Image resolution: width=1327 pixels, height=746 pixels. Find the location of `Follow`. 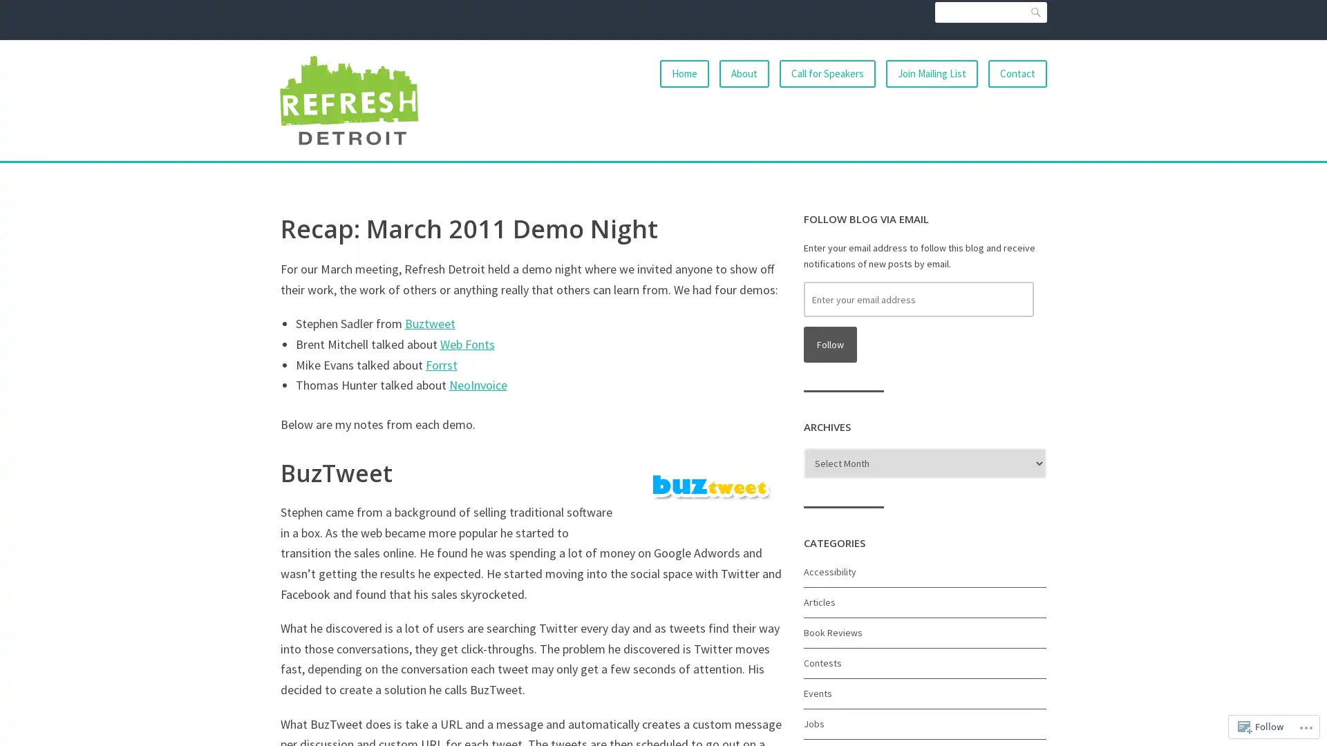

Follow is located at coordinates (829, 343).